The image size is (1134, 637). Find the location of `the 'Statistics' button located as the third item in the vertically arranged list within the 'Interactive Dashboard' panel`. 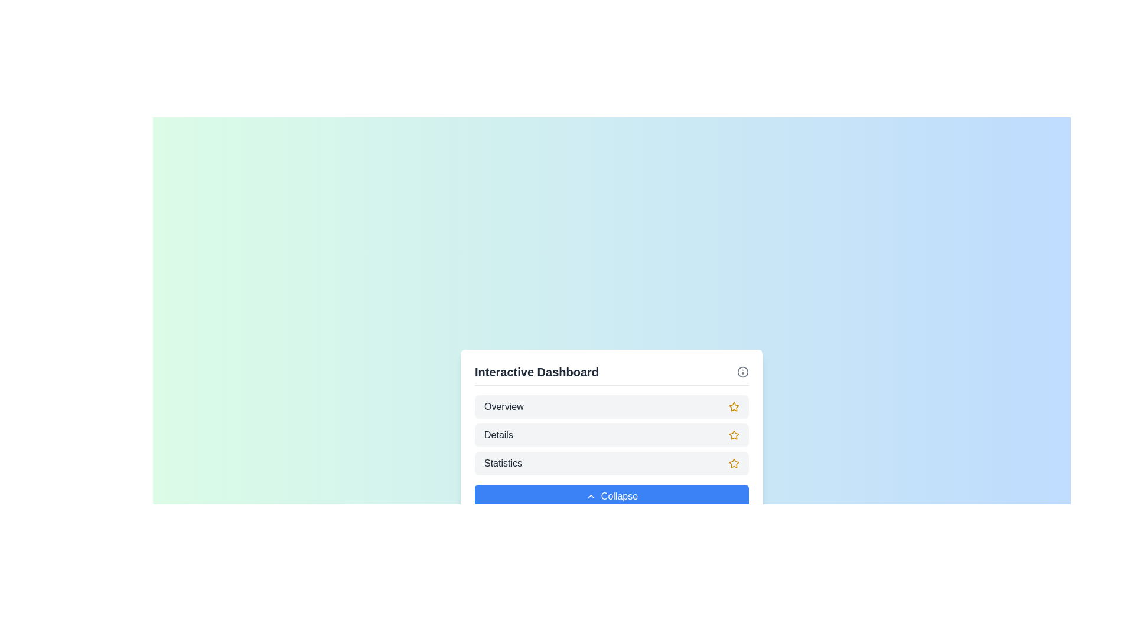

the 'Statistics' button located as the third item in the vertically arranged list within the 'Interactive Dashboard' panel is located at coordinates (612, 462).